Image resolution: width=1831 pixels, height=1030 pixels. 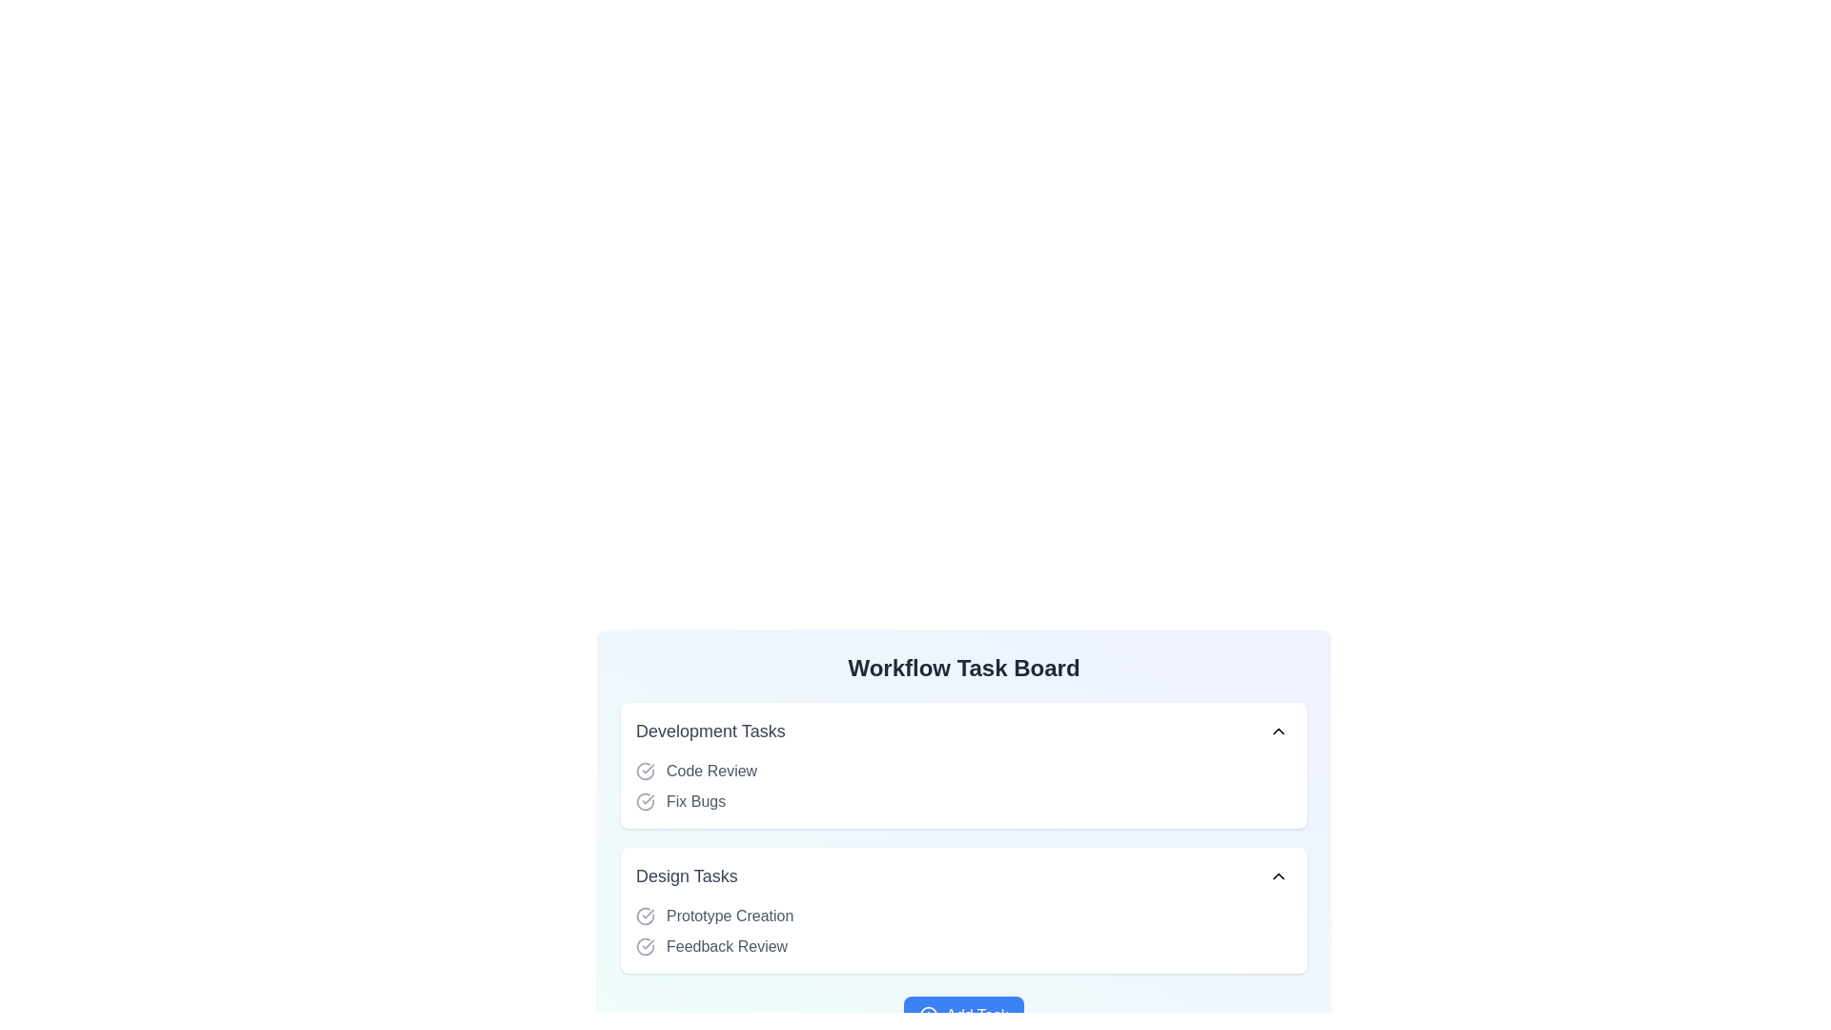 I want to click on the 'Code Review' text label UI component, which describes a task under the 'Development Tasks' category and is positioned next to a circular check icon, so click(x=710, y=771).